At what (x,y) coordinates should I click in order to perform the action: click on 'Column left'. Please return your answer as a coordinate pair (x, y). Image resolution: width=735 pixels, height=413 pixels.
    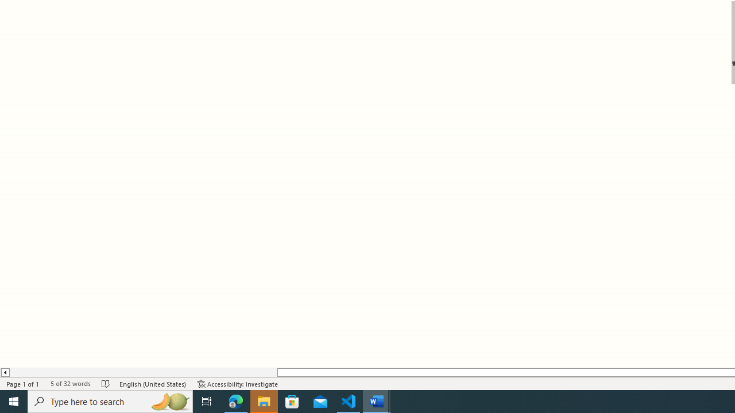
    Looking at the image, I should click on (5, 372).